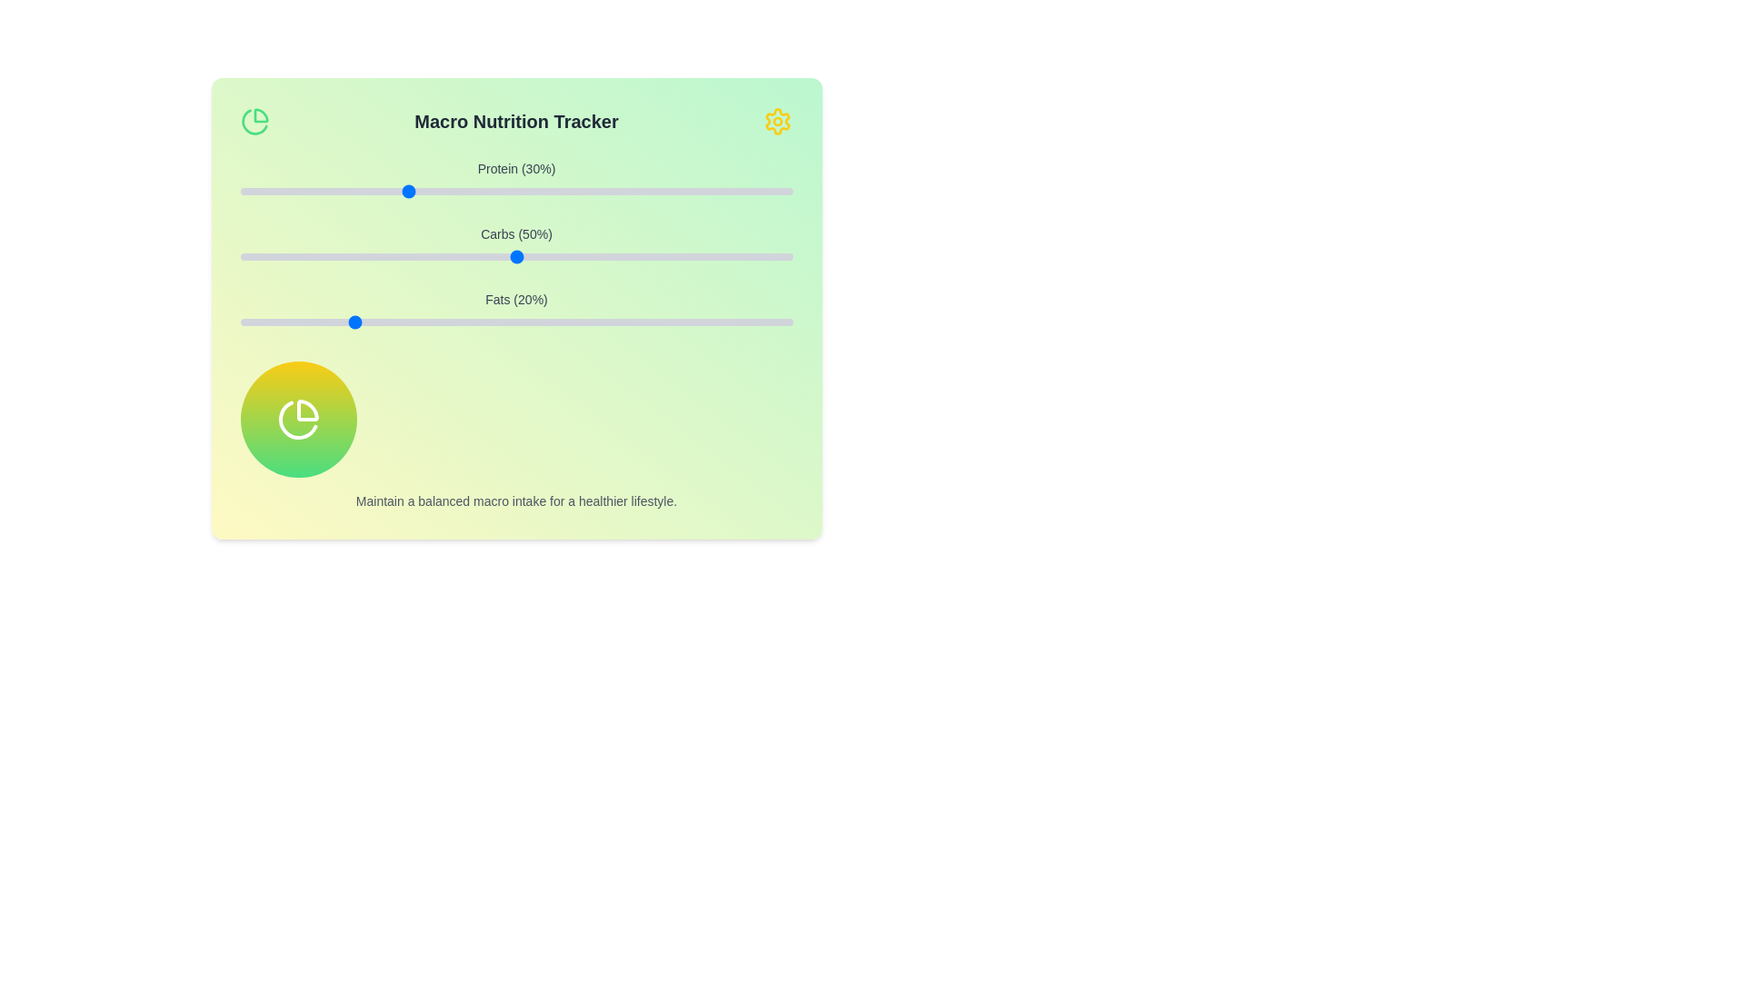 Image resolution: width=1745 pixels, height=981 pixels. What do you see at coordinates (777, 122) in the screenshot?
I see `the settings icon in the header` at bounding box center [777, 122].